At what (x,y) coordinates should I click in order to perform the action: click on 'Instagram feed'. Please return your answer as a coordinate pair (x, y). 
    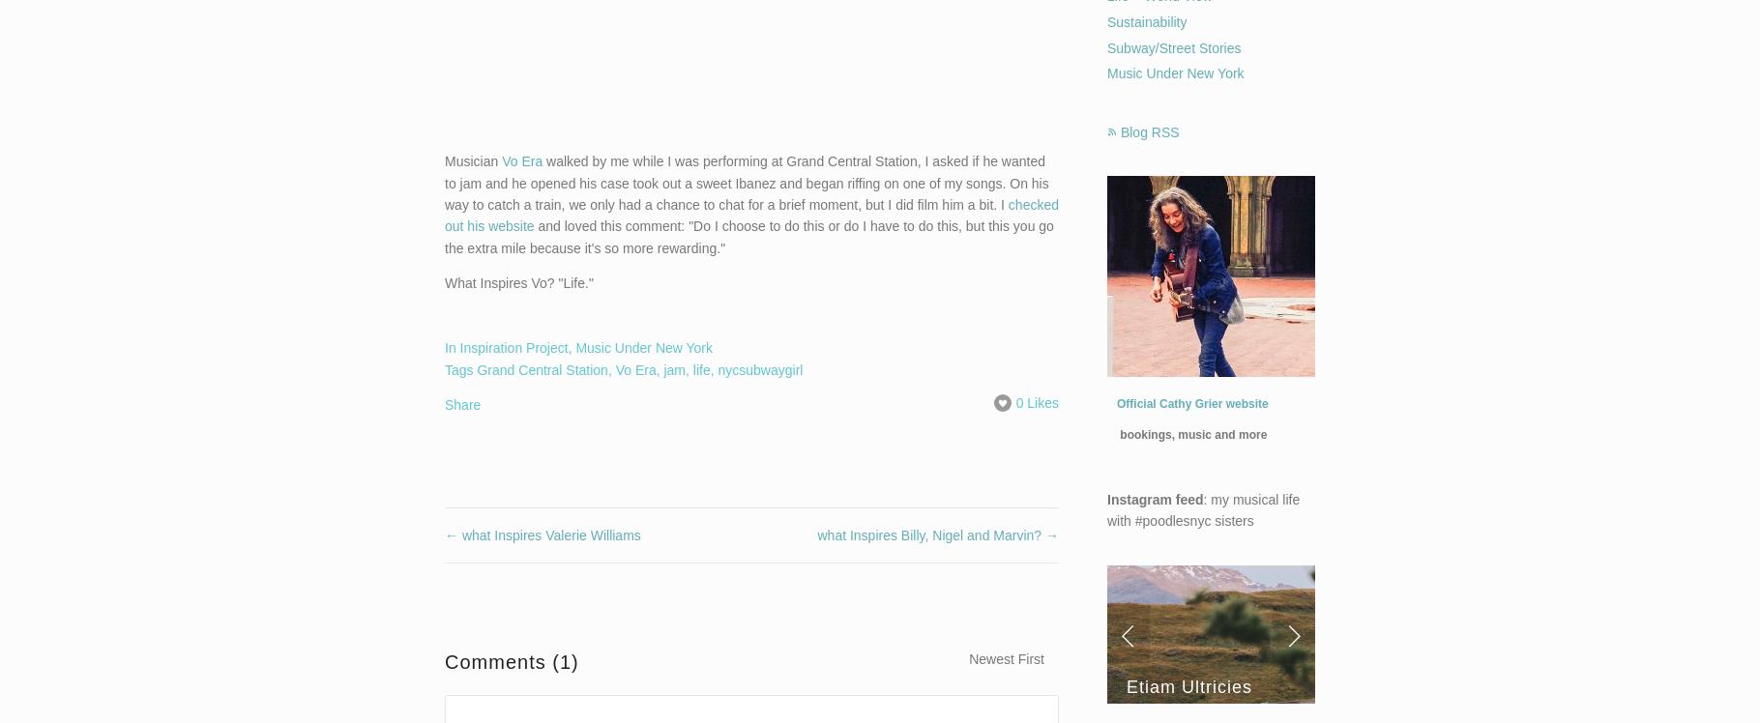
    Looking at the image, I should click on (1155, 497).